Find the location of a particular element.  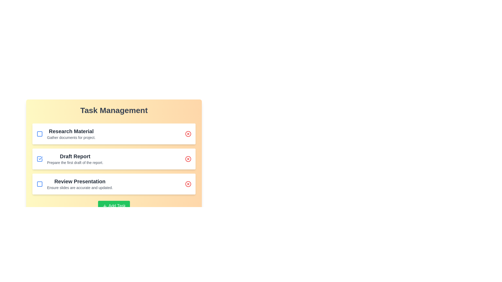

delete button for the task titled Research Material is located at coordinates (188, 134).